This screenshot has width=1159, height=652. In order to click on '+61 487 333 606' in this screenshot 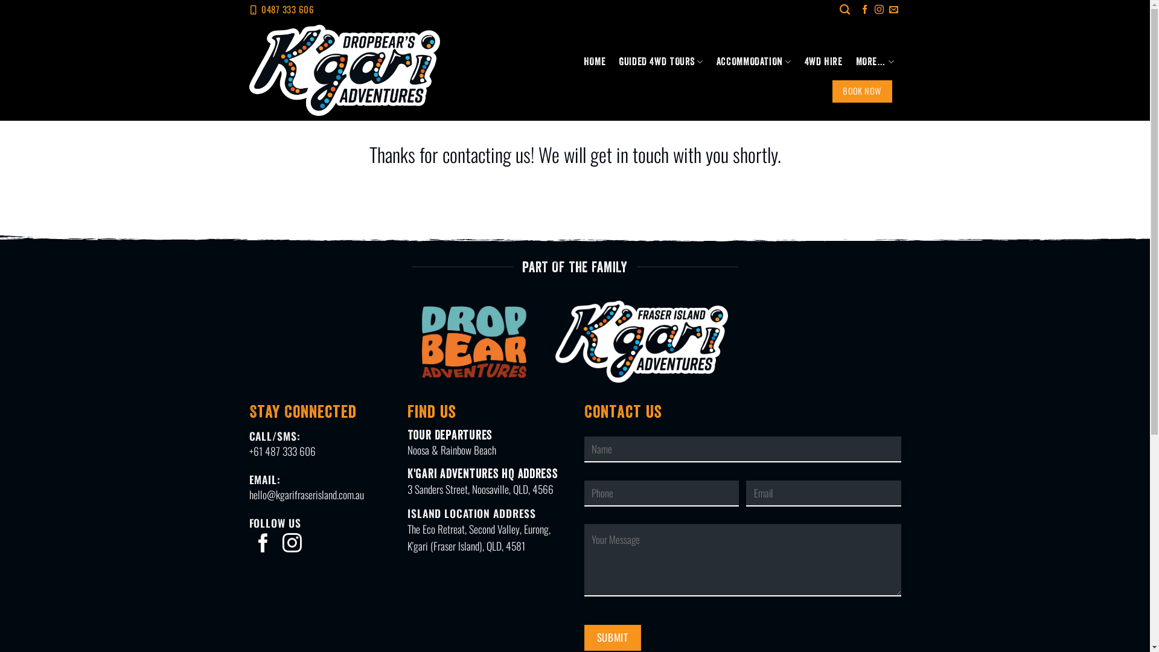, I will do `click(248, 451)`.